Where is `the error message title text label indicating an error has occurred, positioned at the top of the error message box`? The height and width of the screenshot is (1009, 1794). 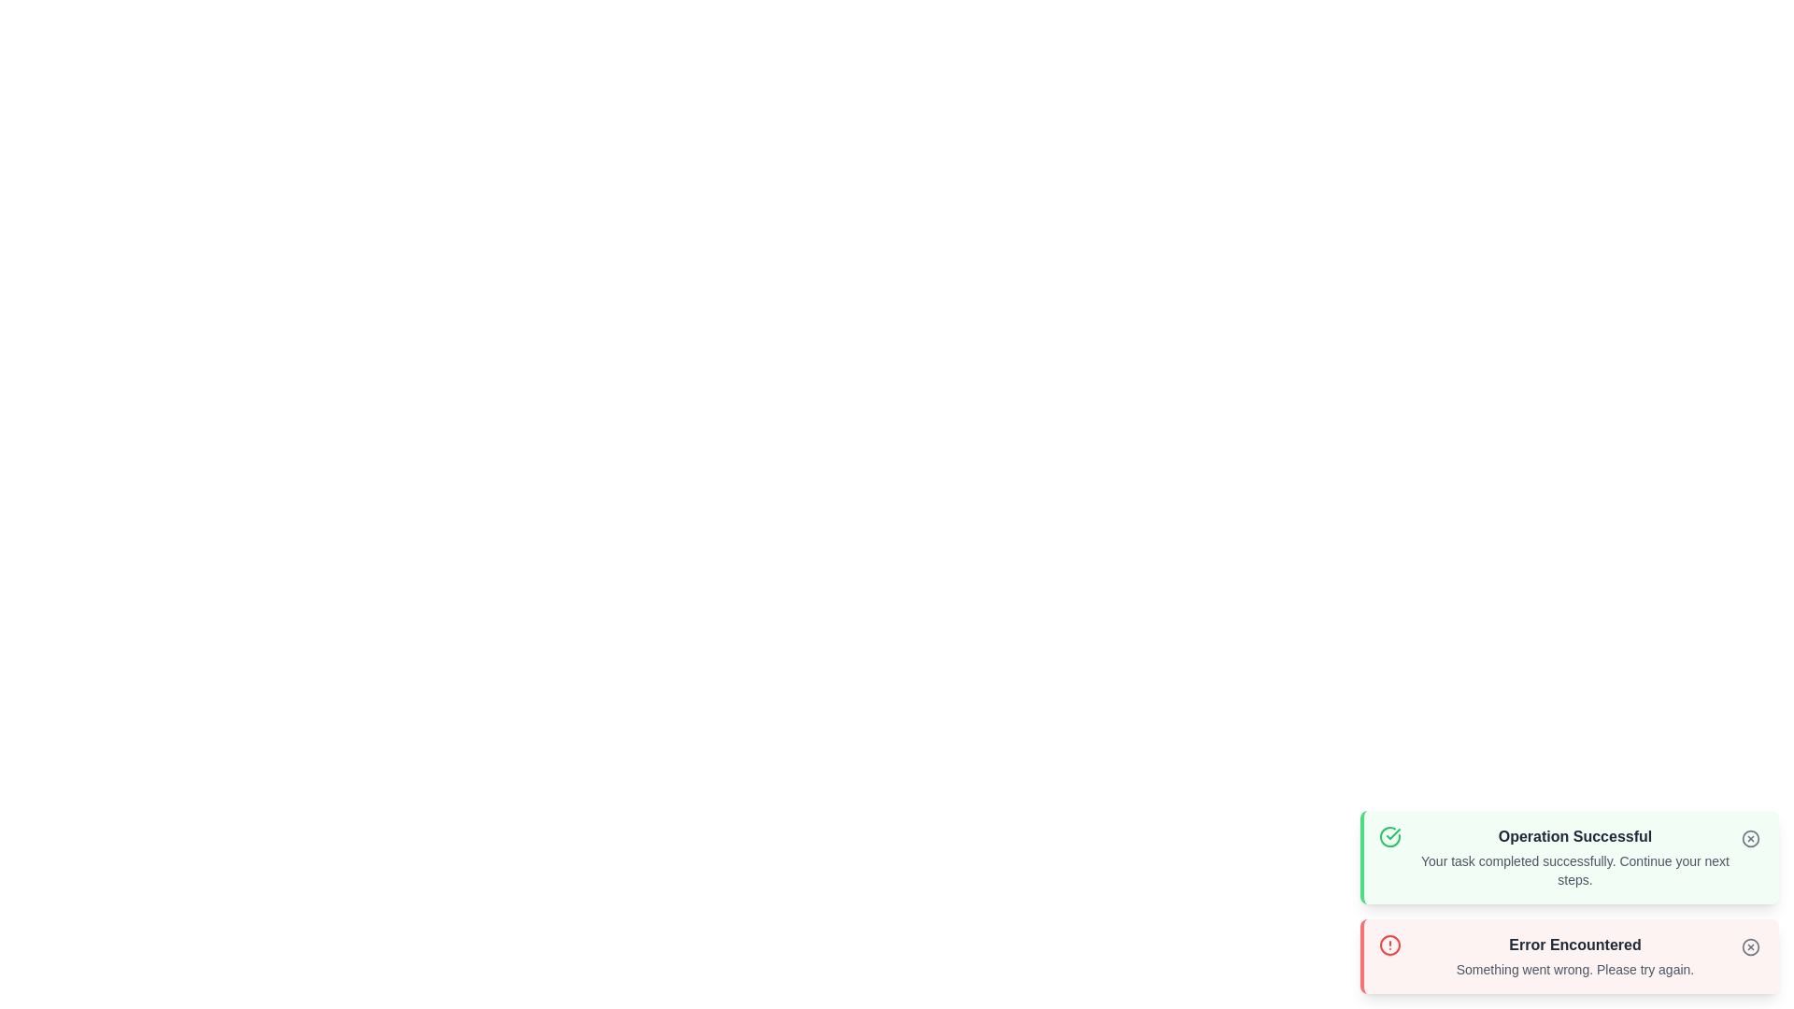 the error message title text label indicating an error has occurred, positioned at the top of the error message box is located at coordinates (1573, 945).